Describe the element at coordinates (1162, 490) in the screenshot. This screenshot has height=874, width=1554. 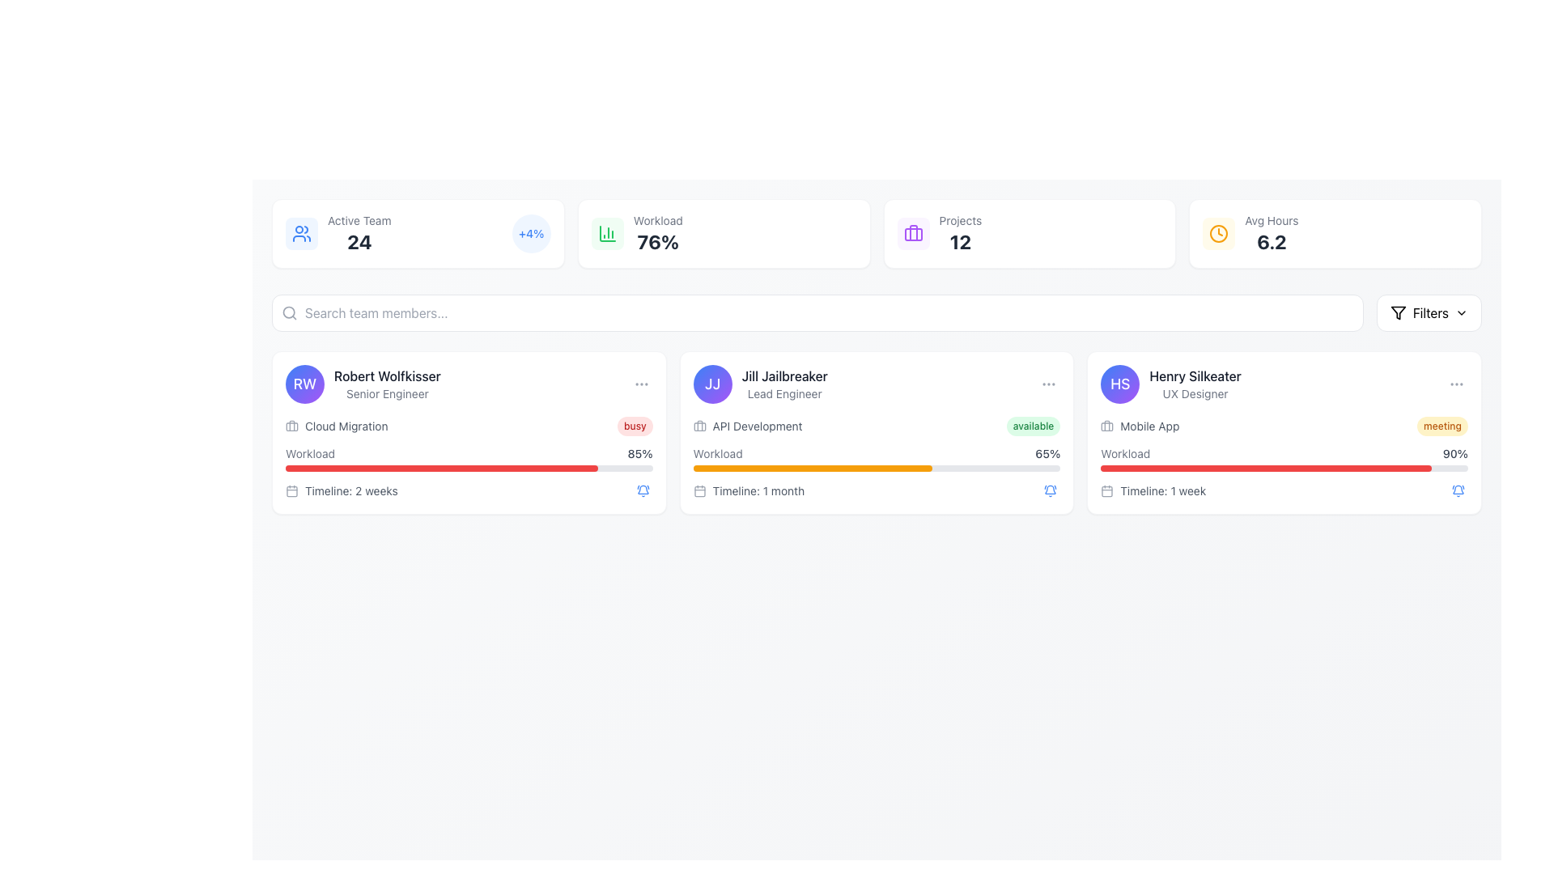
I see `the static text display reading 'Timeline: 1 week' located at the bottom-right corner of the card associated with user 'Henry Silkeater', below the workload progress bar` at that location.